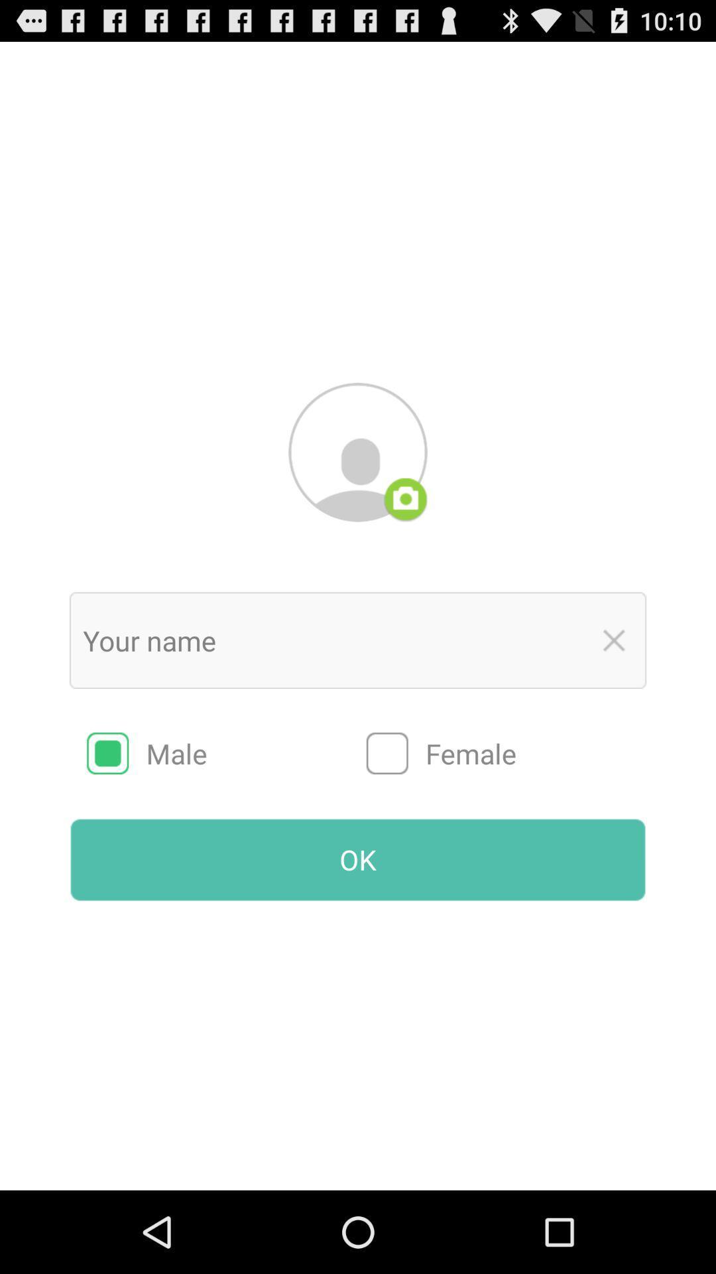 This screenshot has width=716, height=1274. What do you see at coordinates (358, 860) in the screenshot?
I see `ok icon` at bounding box center [358, 860].